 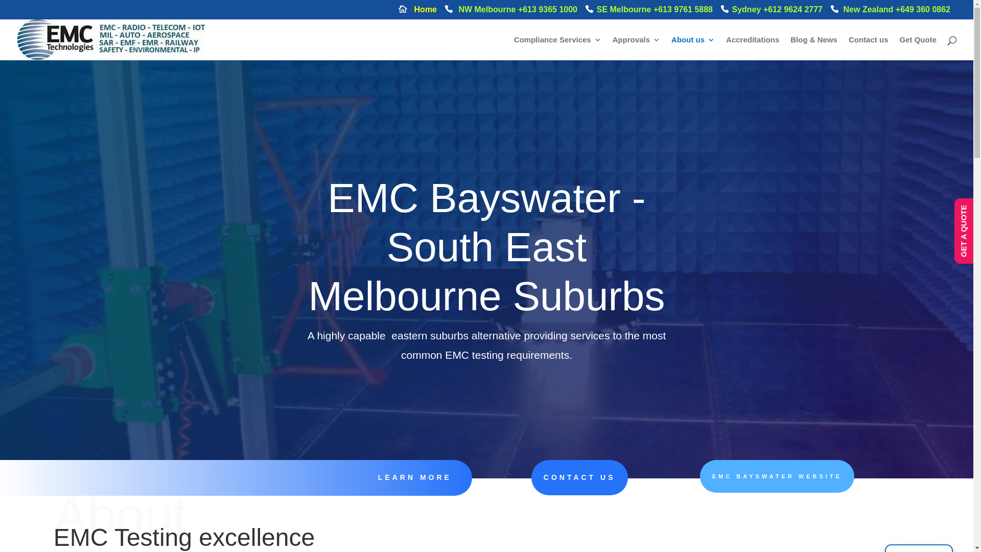 What do you see at coordinates (579, 477) in the screenshot?
I see `'CONTACT US'` at bounding box center [579, 477].